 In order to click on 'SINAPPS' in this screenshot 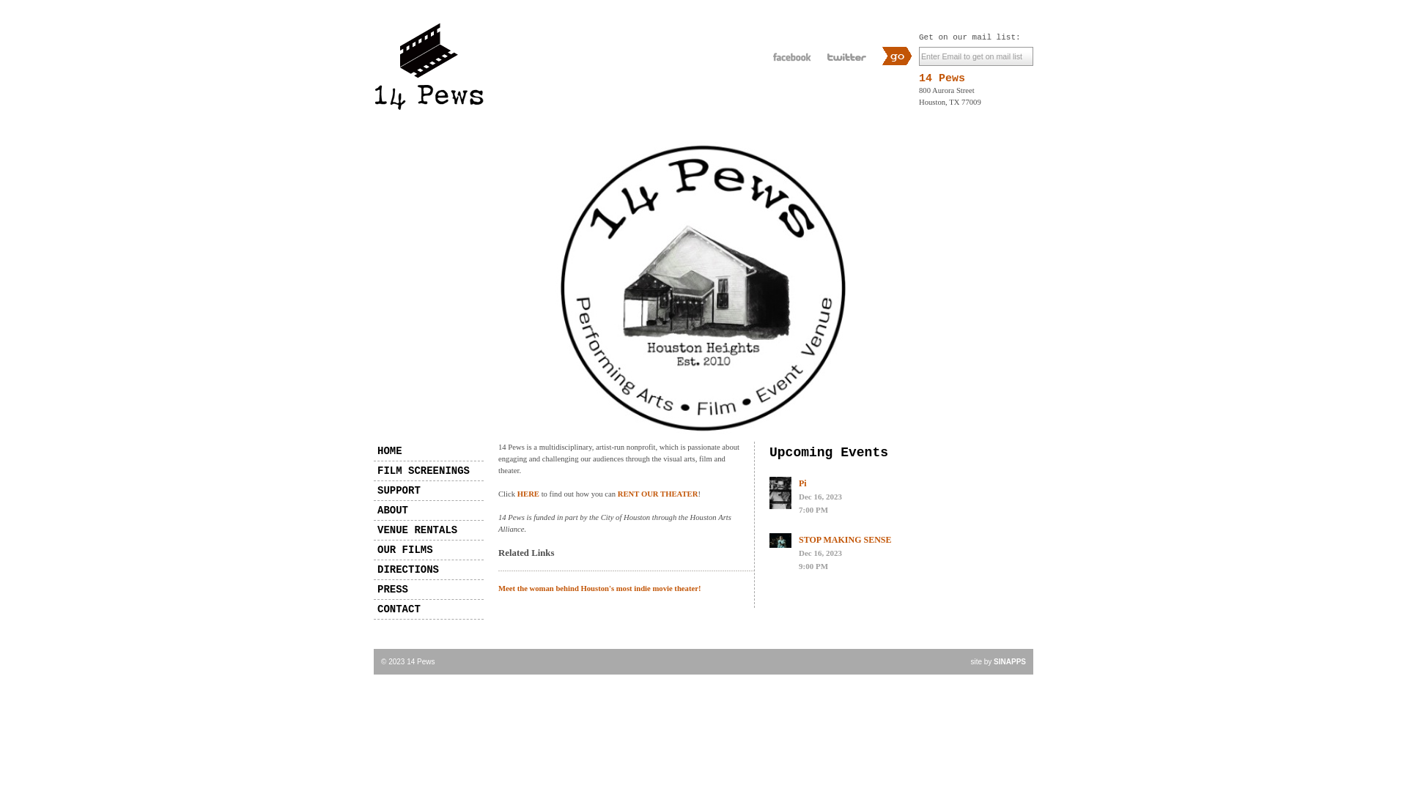, I will do `click(1008, 661)`.